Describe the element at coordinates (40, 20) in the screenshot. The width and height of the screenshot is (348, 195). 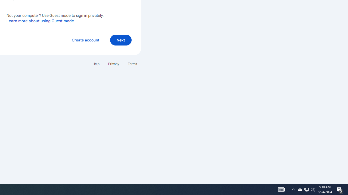
I see `'Learn more about using Guest mode'` at that location.